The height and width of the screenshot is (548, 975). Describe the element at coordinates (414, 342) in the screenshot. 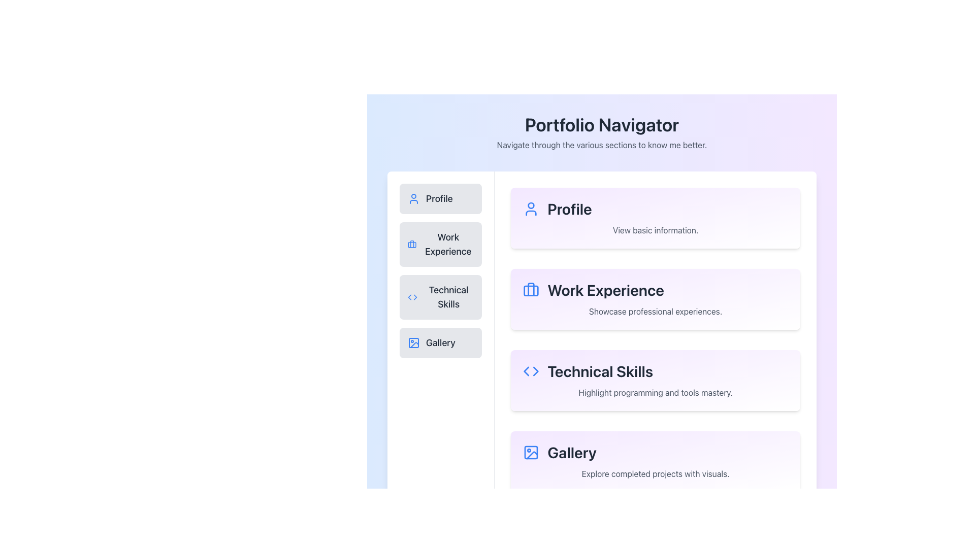

I see `the 'Gallery' icon in the navigation menu, which is situated to the left of the text label 'Gallery'` at that location.